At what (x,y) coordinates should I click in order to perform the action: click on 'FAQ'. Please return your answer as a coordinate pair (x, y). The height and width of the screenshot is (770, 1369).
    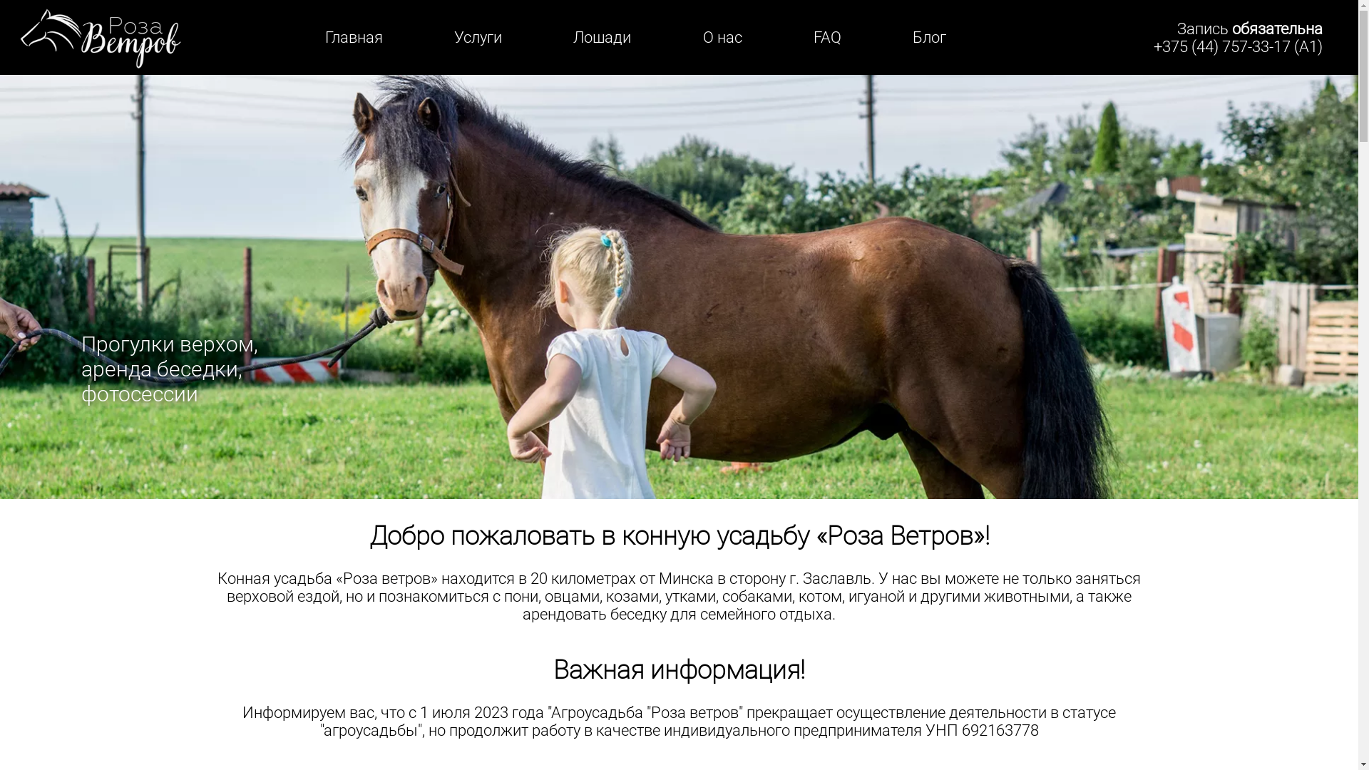
    Looking at the image, I should click on (814, 36).